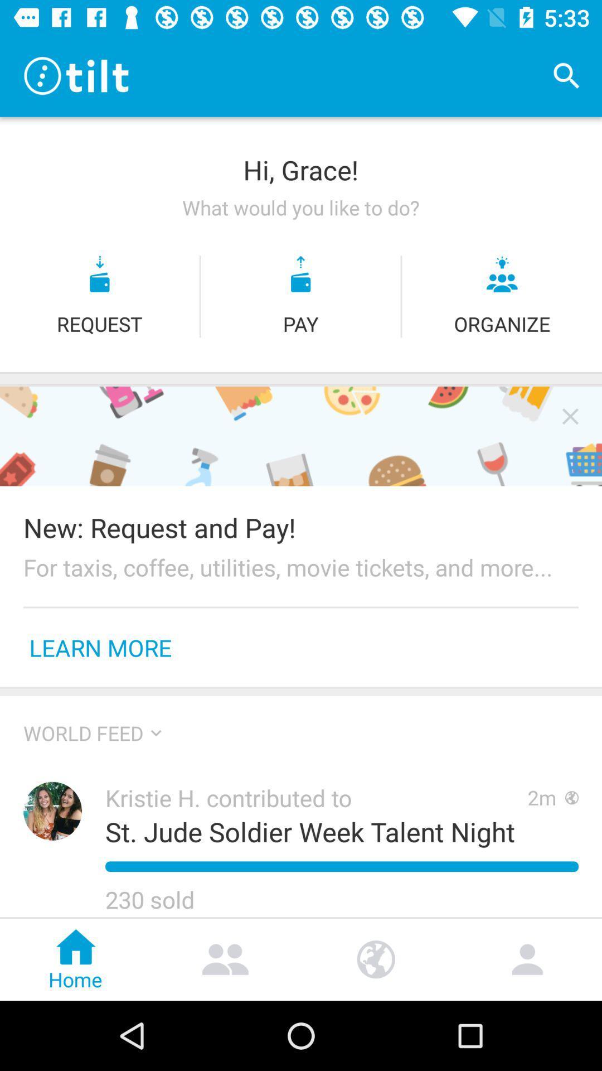 This screenshot has width=602, height=1071. I want to click on icon to the right of 2m item, so click(572, 797).